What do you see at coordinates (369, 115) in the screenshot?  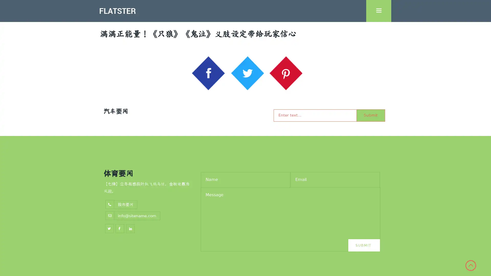 I see `Submit` at bounding box center [369, 115].